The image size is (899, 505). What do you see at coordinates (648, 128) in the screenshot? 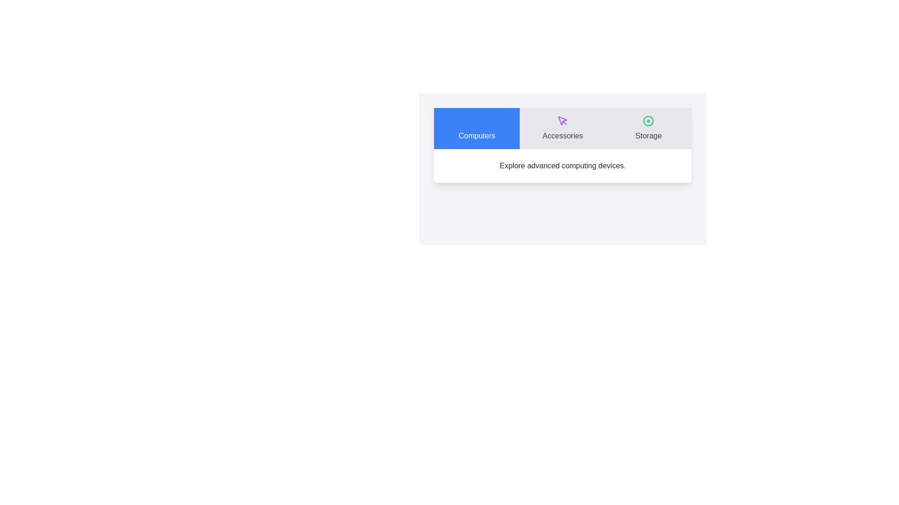
I see `the tab labeled Storage` at bounding box center [648, 128].